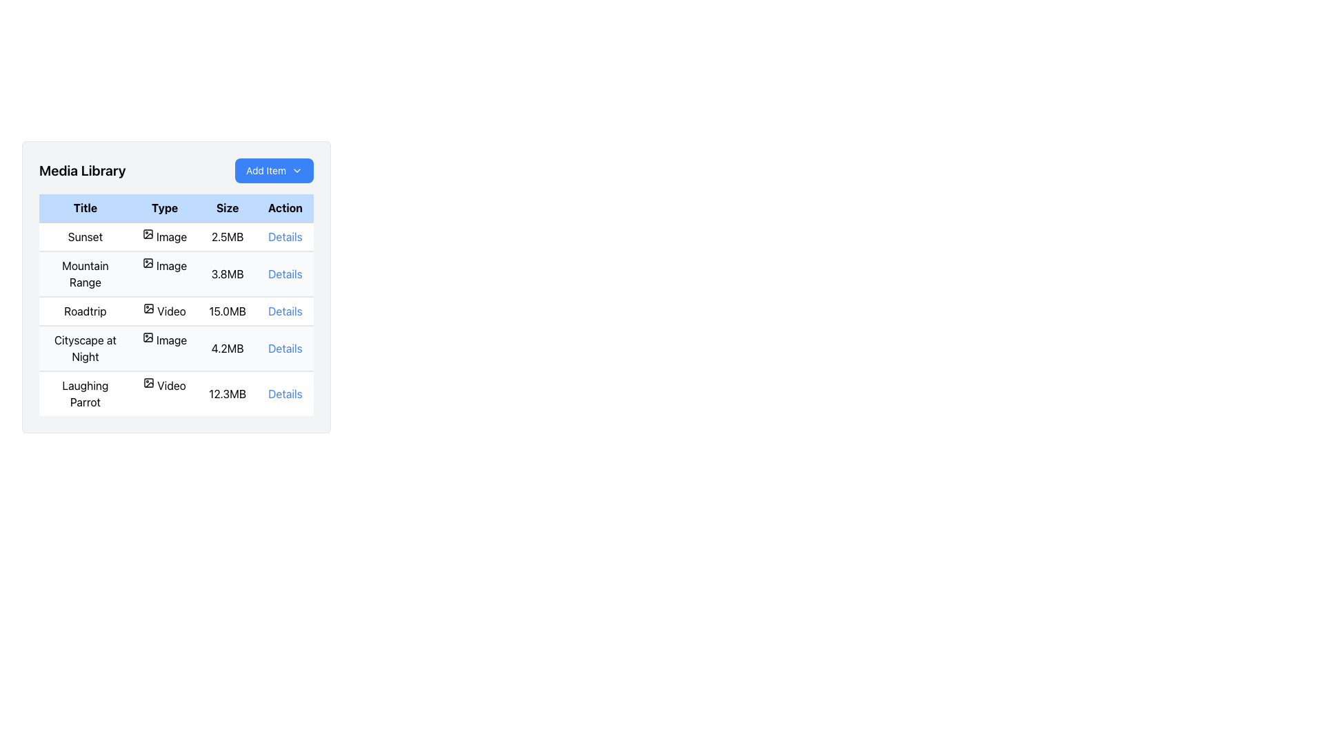  Describe the element at coordinates (84, 393) in the screenshot. I see `text displayed in the 'Laughing Parrot' label located in the first column of the fifth row of the 'Media Library' table` at that location.